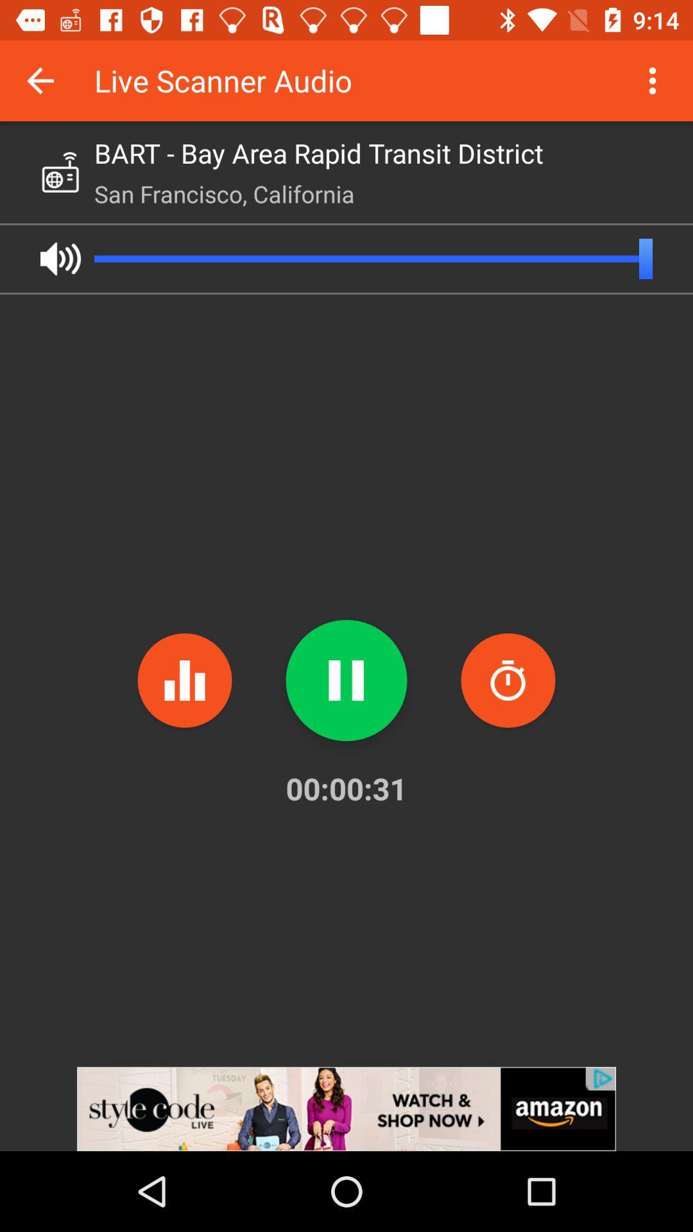  Describe the element at coordinates (507, 680) in the screenshot. I see `the time icon` at that location.